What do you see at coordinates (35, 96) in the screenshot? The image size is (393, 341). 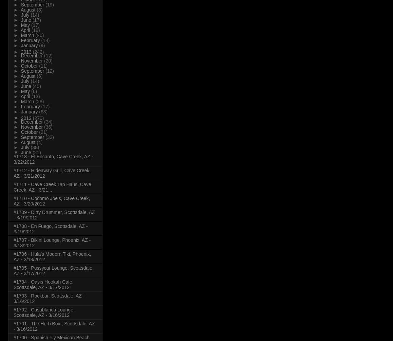 I see `'(13)'` at bounding box center [35, 96].